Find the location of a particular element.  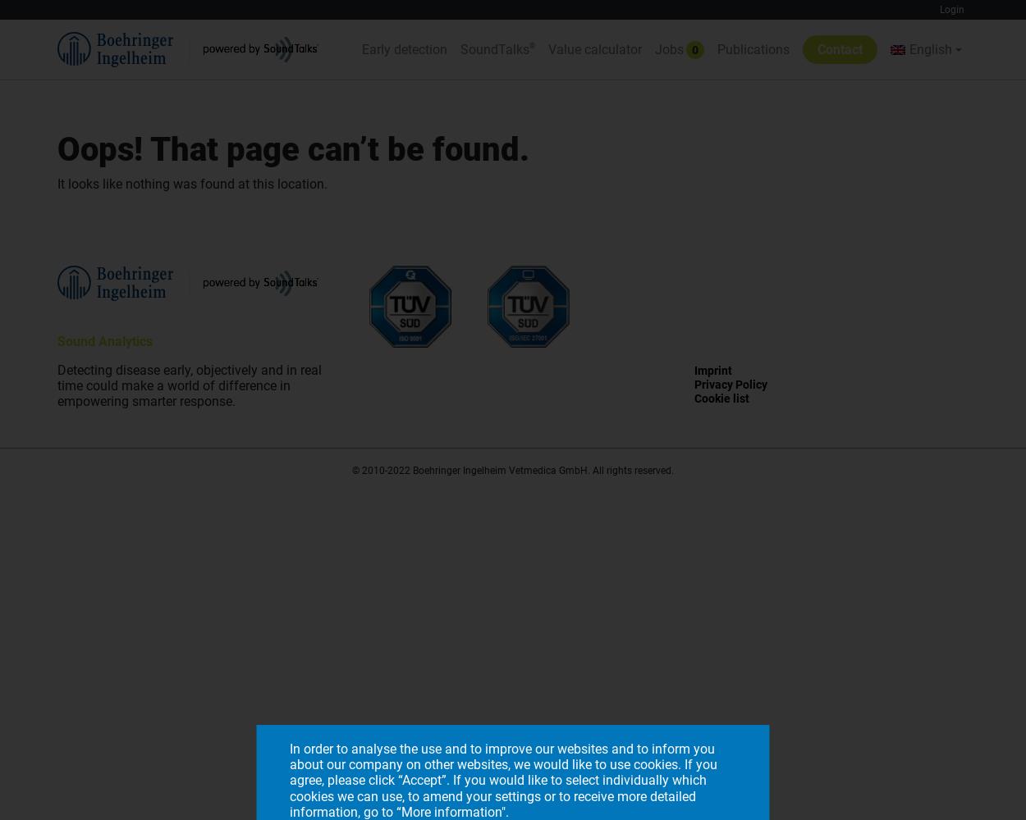

'Cookie list' is located at coordinates (721, 397).